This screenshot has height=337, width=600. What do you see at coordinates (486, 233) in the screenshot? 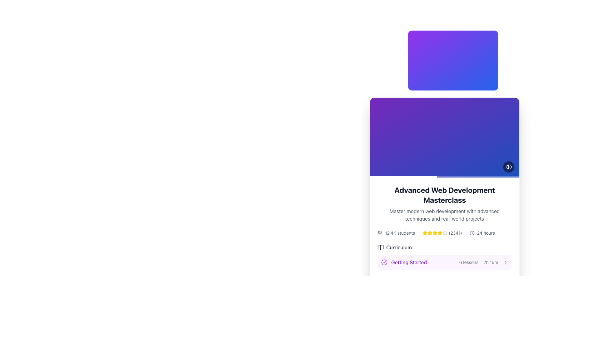
I see `informational text label displaying '24 hours' located at the bottom-right section of the card-like layout, following the clock icon` at bounding box center [486, 233].